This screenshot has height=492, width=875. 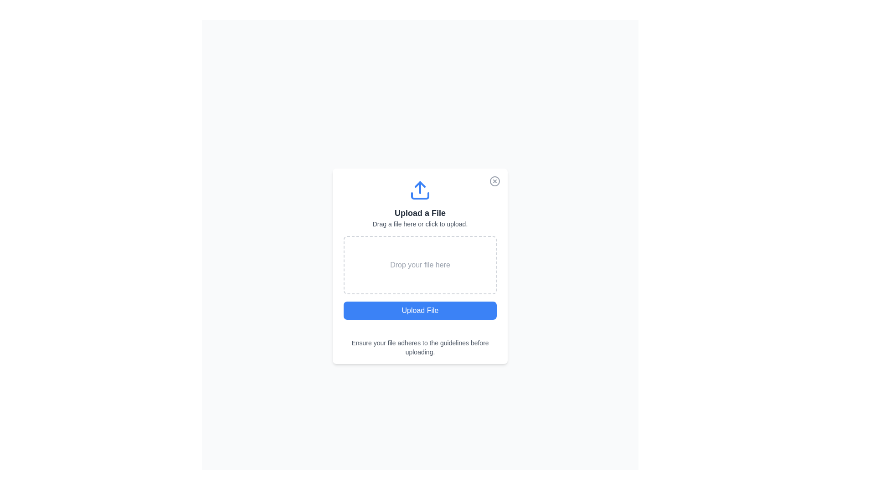 I want to click on the interactive drop zone for file uploads, which is located centrally within the dialog box, below the title 'Upload a File' and the subtitle 'Drag a file here or click to upload.', so click(x=419, y=249).